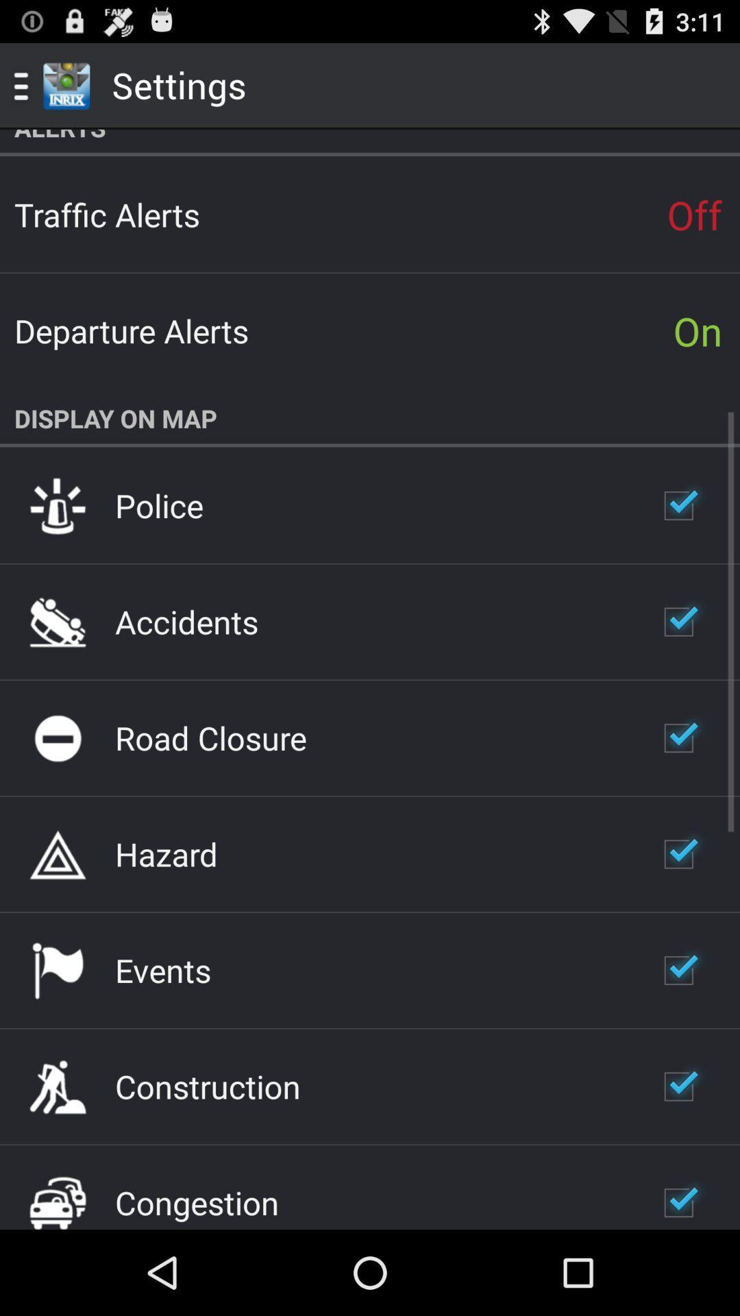 This screenshot has height=1316, width=740. I want to click on the item next to on app, so click(132, 330).